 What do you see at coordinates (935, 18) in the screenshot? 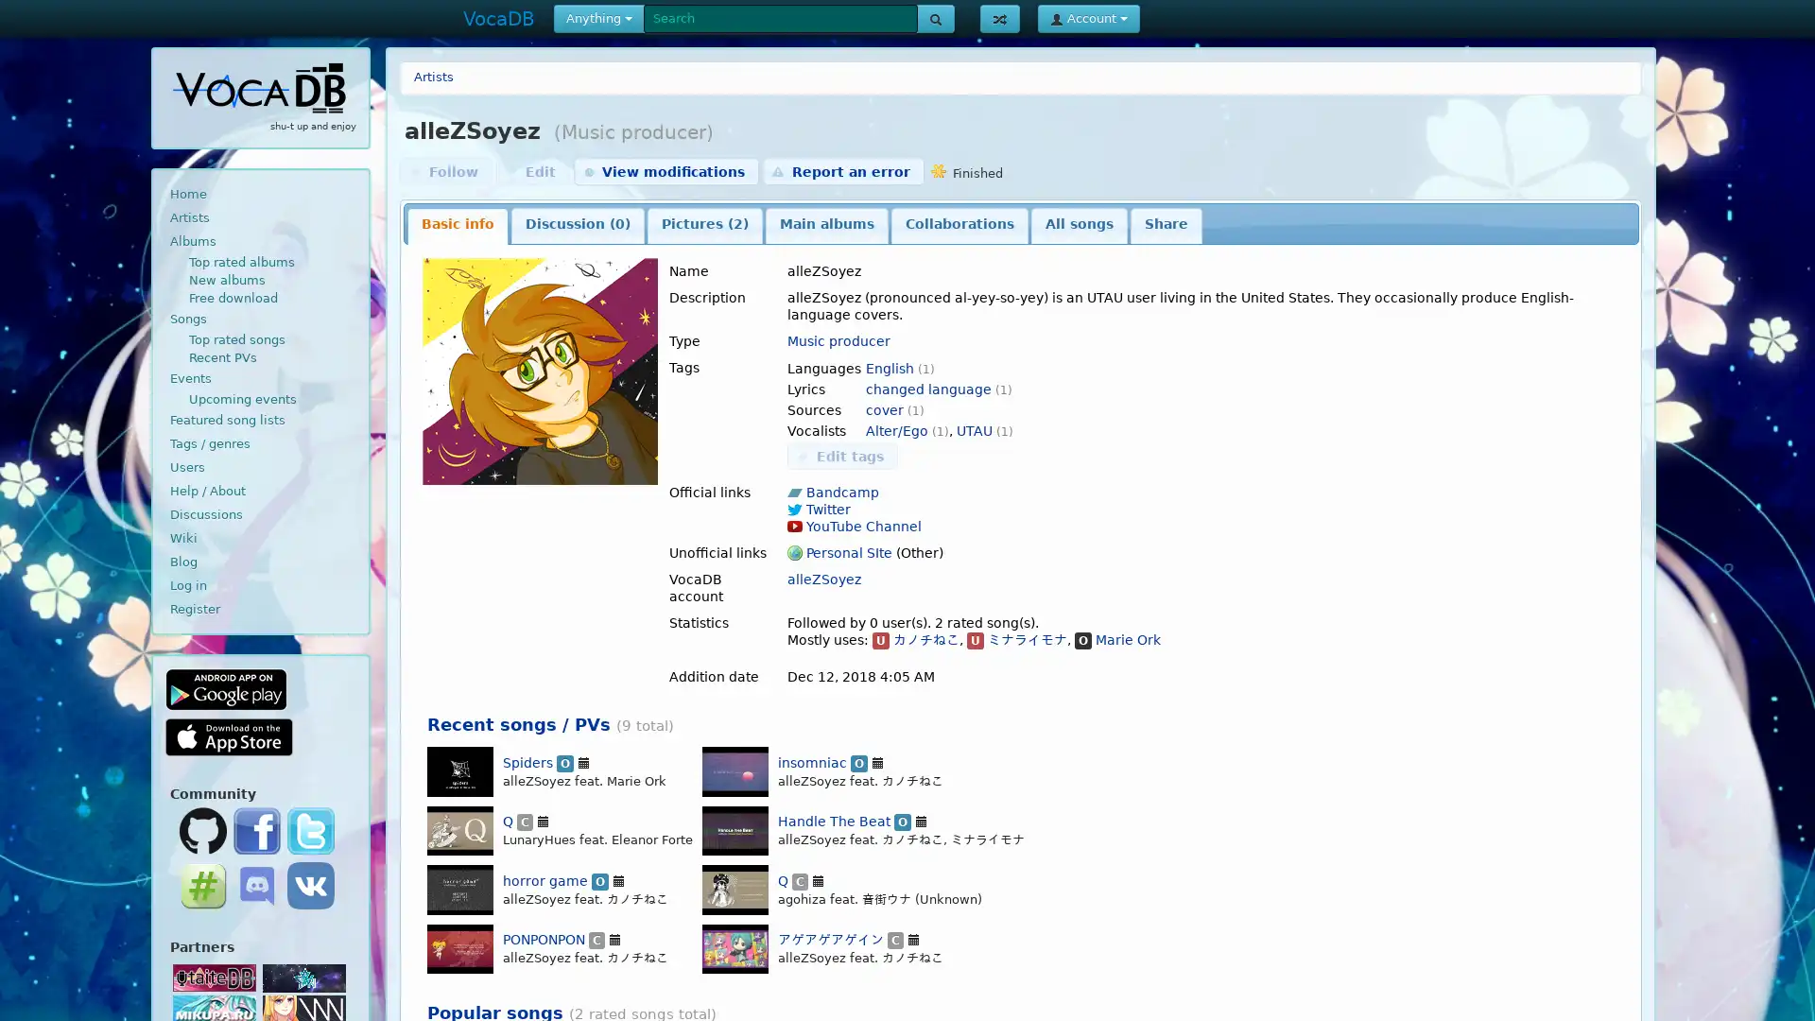
I see `Search` at bounding box center [935, 18].